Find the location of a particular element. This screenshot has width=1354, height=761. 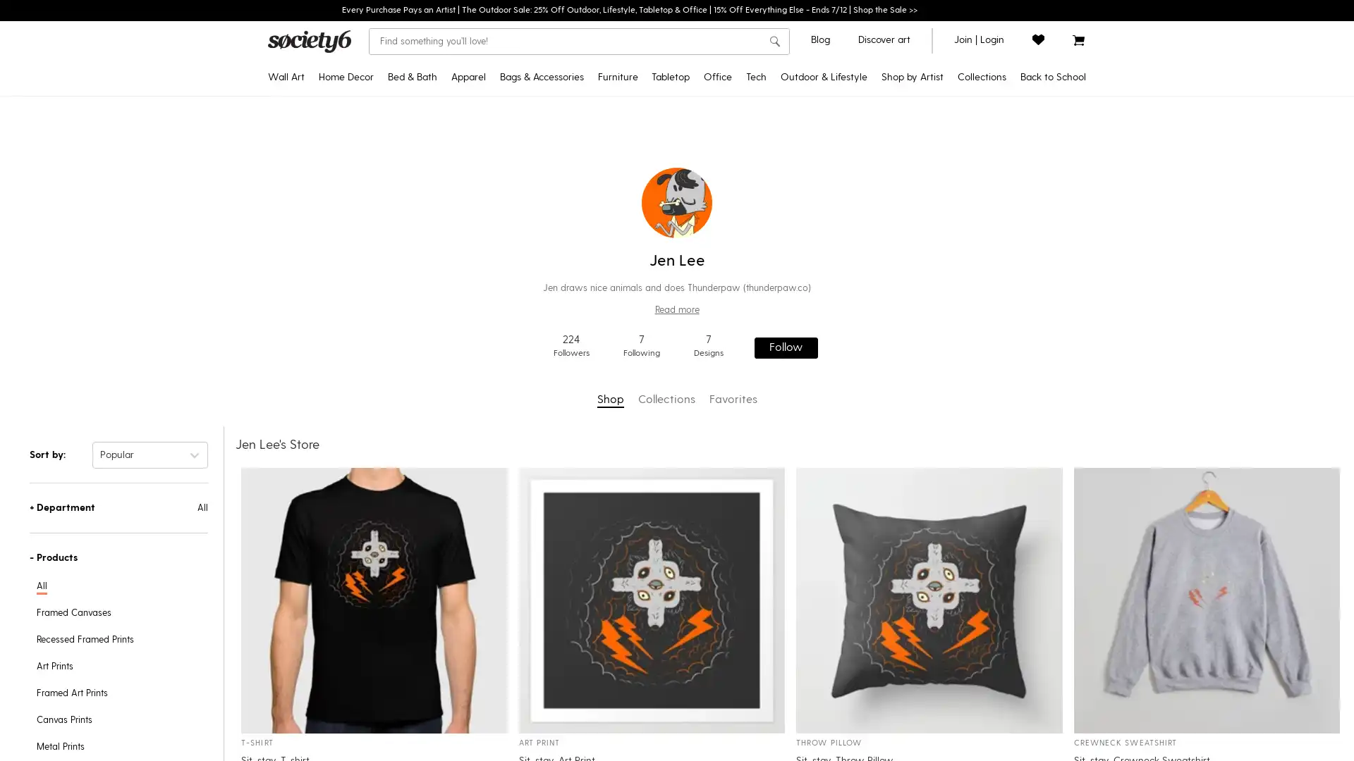

join or login is located at coordinates (978, 39).